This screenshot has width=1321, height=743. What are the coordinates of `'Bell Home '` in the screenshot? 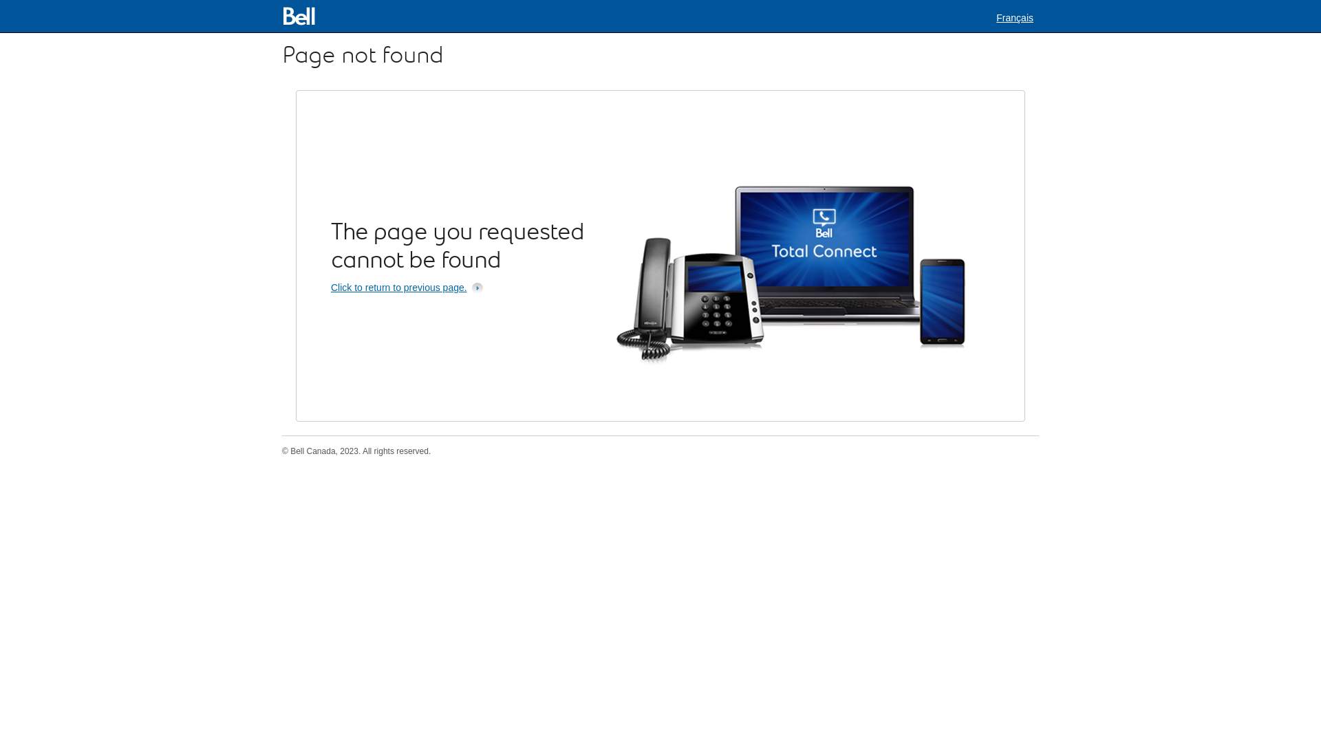 It's located at (281, 16).